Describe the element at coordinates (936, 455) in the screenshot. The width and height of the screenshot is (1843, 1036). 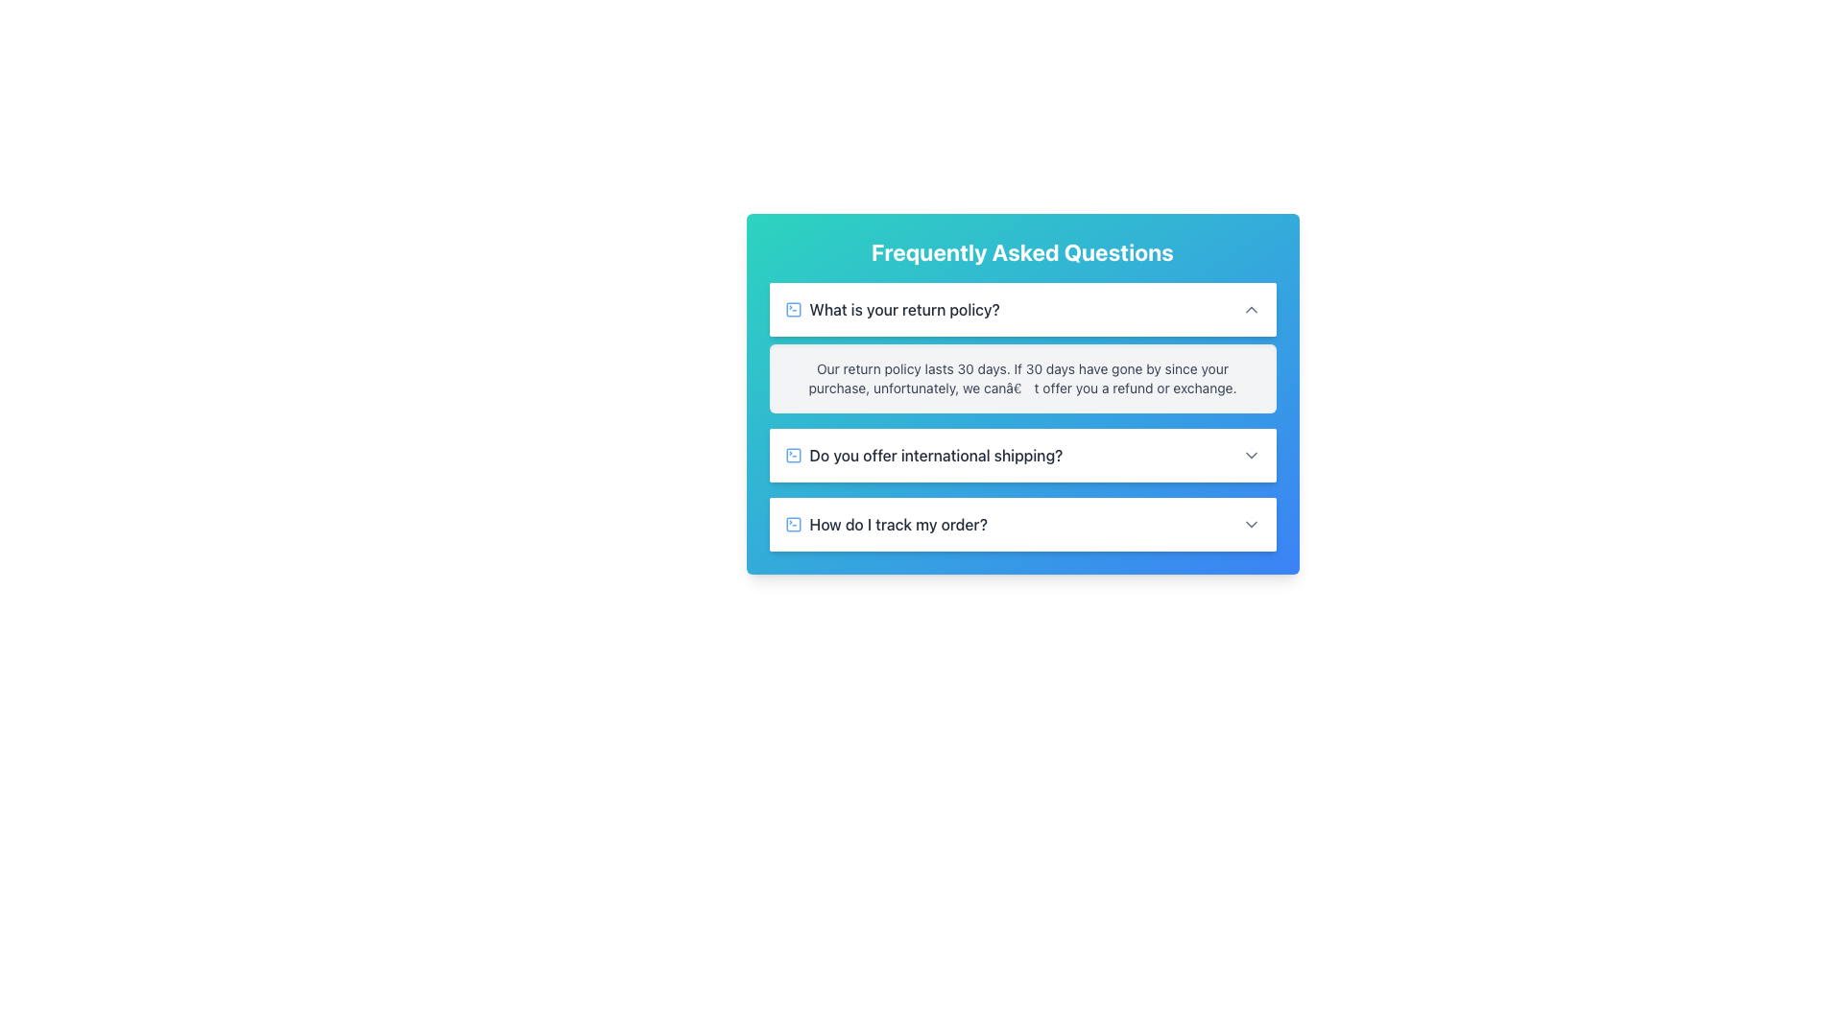
I see `the second FAQ header text element that follows a blue question icon, which is centrally positioned between the first and third FAQs` at that location.